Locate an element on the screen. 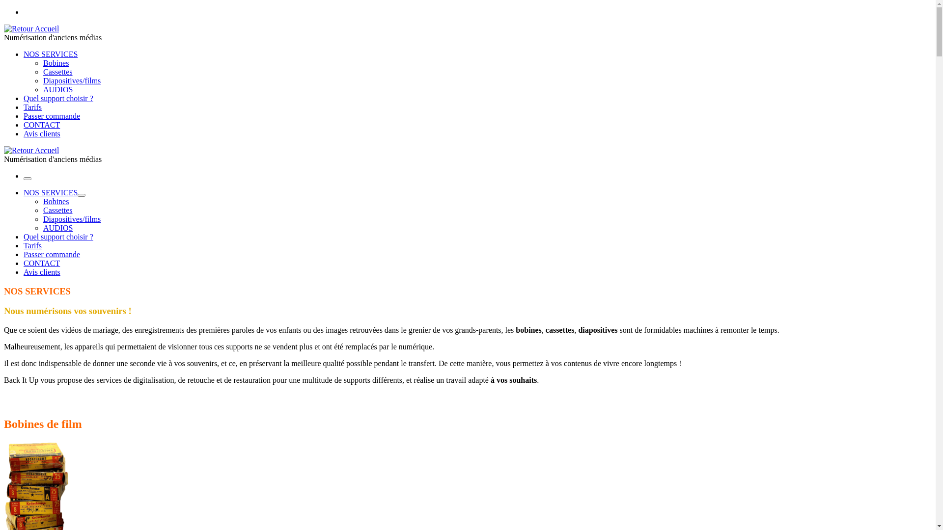 Image resolution: width=943 pixels, height=530 pixels. 'Avis clients' is located at coordinates (41, 272).